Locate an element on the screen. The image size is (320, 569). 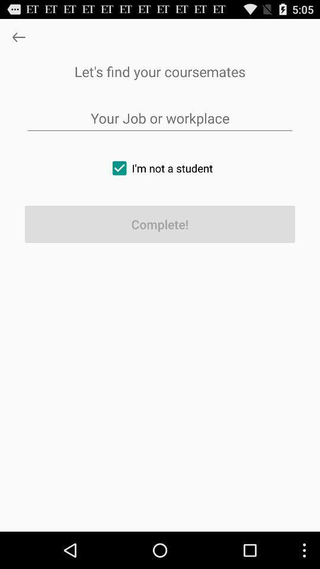
goes back is located at coordinates (18, 37).